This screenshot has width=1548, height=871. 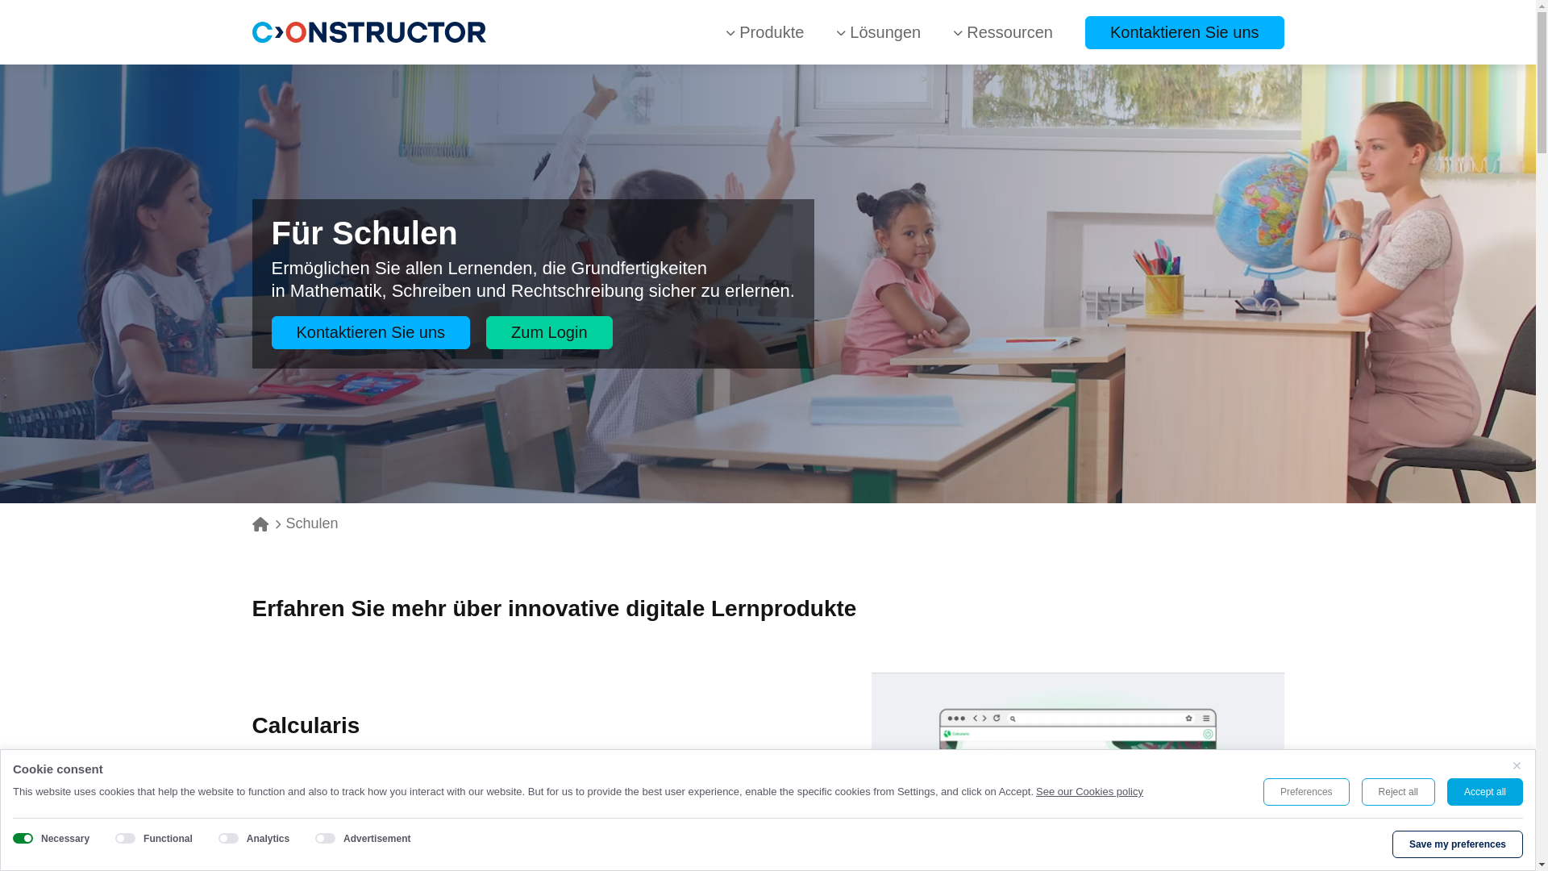 I want to click on 'Kontaktieren Sie uns', so click(x=369, y=331).